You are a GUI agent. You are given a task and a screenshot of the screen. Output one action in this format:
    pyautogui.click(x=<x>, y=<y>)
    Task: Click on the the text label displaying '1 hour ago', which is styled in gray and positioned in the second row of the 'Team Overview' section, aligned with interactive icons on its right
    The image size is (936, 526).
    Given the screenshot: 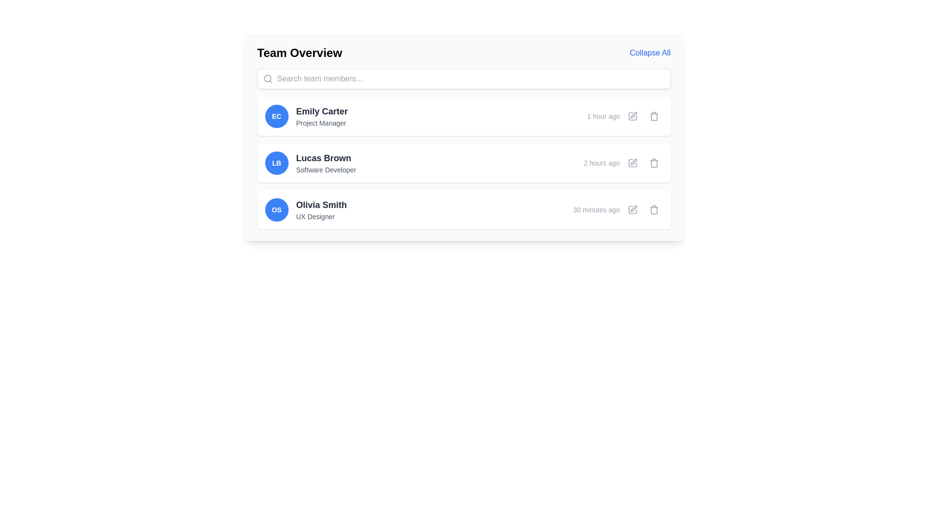 What is the action you would take?
    pyautogui.click(x=603, y=116)
    